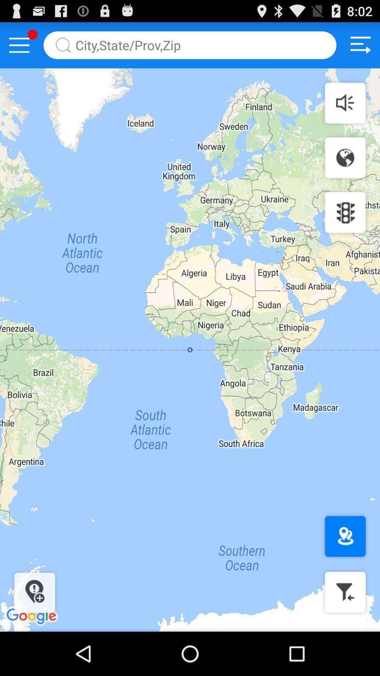  I want to click on places, so click(345, 536).